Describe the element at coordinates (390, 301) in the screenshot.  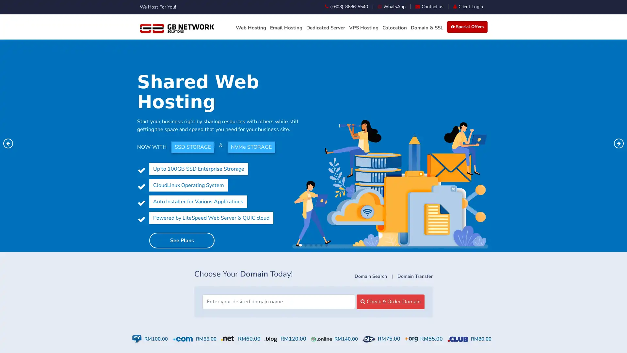
I see `Check & Order Domain` at that location.